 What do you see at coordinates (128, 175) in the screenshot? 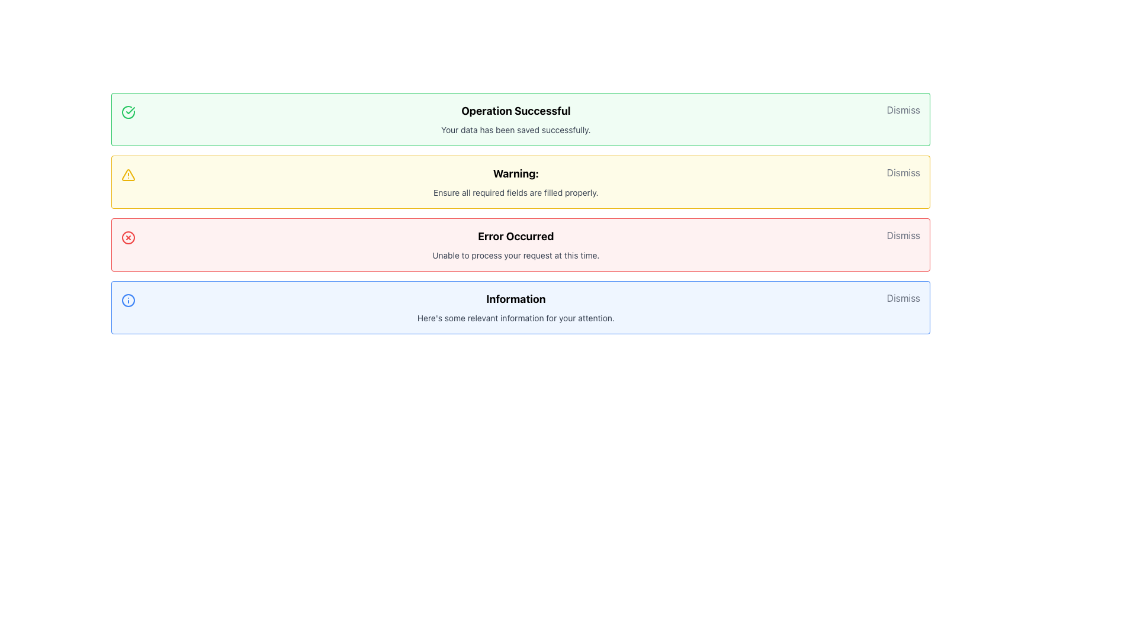
I see `the yellow triangle warning icon located in the second row of messages with a light yellow background labeled 'Warning'` at bounding box center [128, 175].